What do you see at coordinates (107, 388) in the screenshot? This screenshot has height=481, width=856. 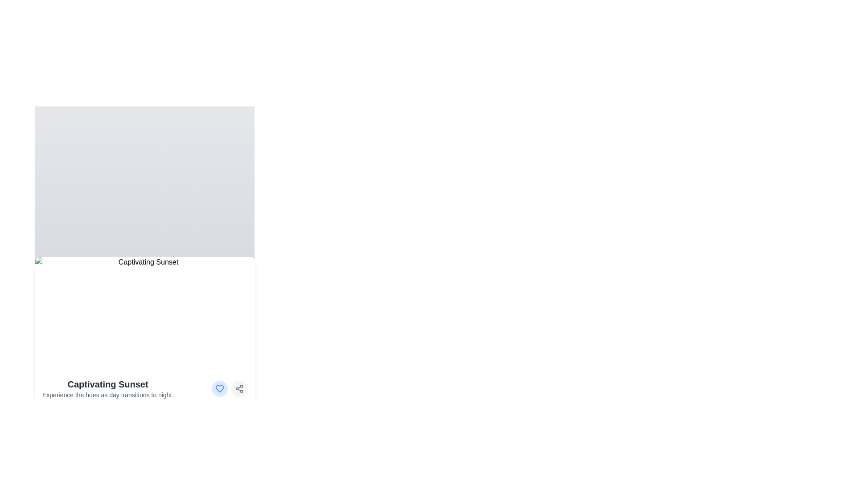 I see `the descriptive text block located at the bottom left of the card layout` at bounding box center [107, 388].